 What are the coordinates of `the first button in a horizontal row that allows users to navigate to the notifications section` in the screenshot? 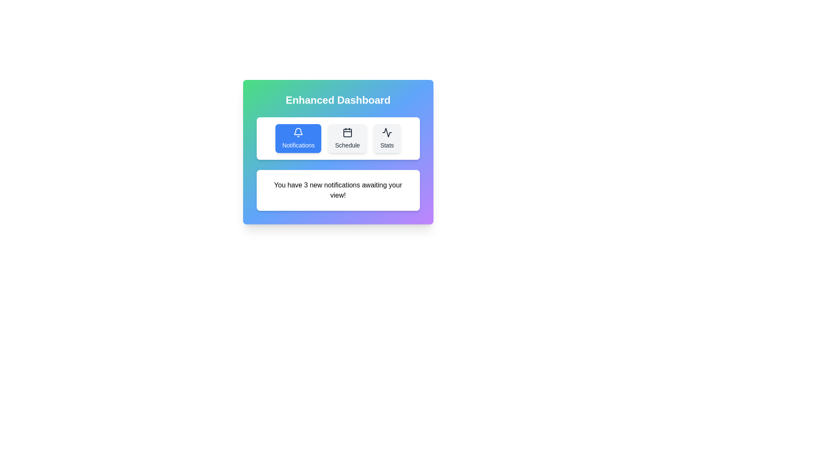 It's located at (298, 138).